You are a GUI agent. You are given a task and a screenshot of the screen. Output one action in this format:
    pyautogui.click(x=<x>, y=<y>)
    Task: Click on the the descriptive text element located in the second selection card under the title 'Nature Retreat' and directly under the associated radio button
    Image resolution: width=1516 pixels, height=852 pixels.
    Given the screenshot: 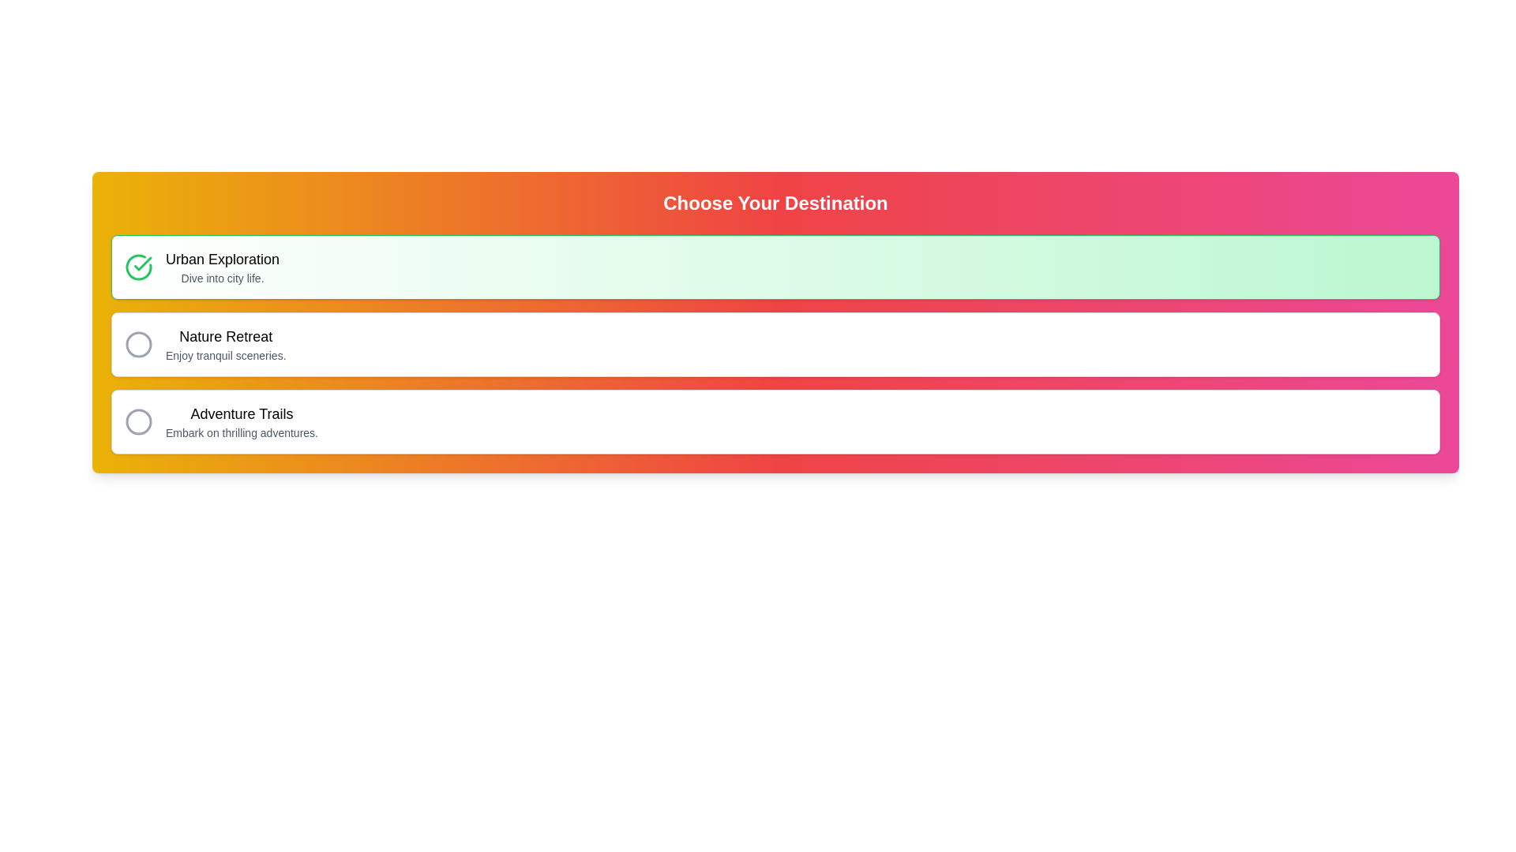 What is the action you would take?
    pyautogui.click(x=225, y=356)
    